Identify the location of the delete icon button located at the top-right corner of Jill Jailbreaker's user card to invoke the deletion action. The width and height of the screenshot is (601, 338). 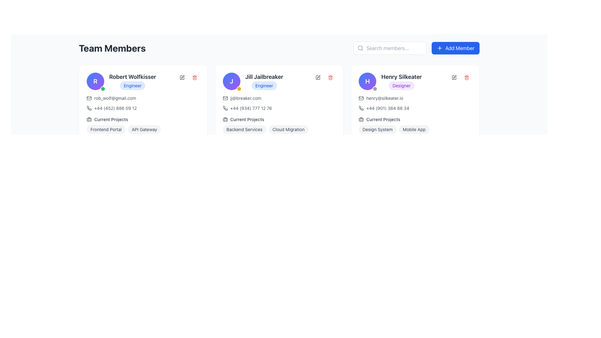
(330, 77).